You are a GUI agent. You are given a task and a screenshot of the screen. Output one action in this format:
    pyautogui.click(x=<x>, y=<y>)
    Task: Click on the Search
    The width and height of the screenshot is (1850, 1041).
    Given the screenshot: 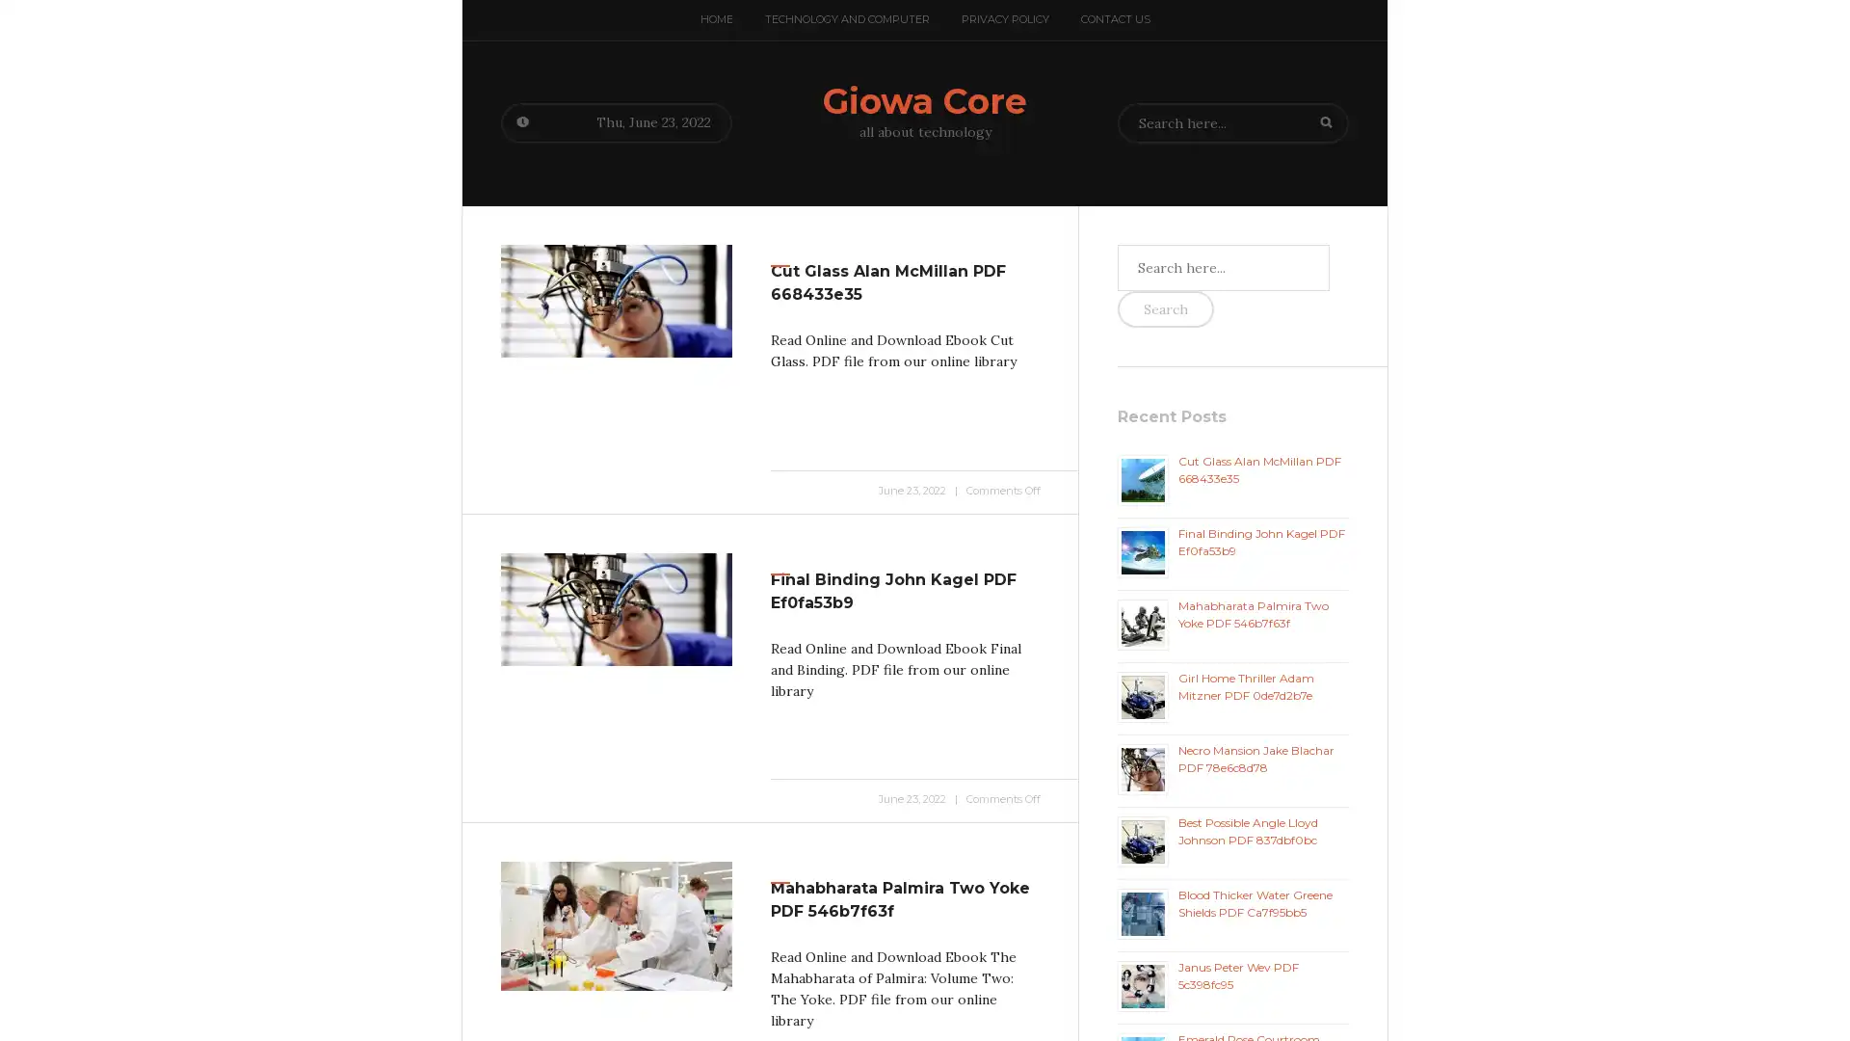 What is the action you would take?
    pyautogui.click(x=1308, y=122)
    